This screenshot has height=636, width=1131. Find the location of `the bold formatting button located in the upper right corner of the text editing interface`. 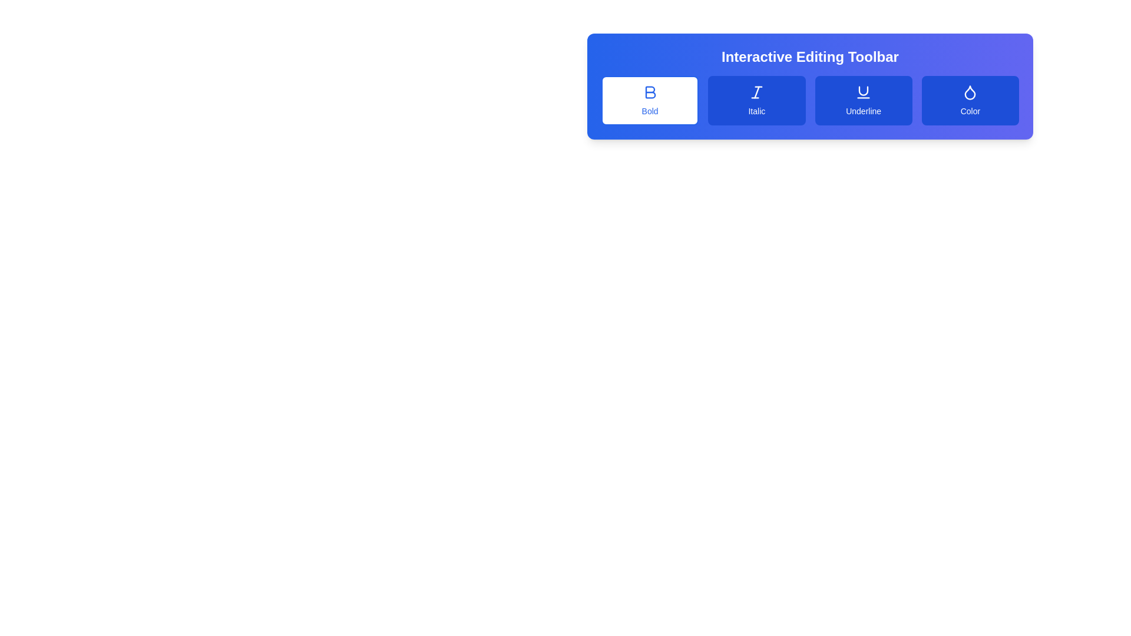

the bold formatting button located in the upper right corner of the text editing interface is located at coordinates (649, 100).